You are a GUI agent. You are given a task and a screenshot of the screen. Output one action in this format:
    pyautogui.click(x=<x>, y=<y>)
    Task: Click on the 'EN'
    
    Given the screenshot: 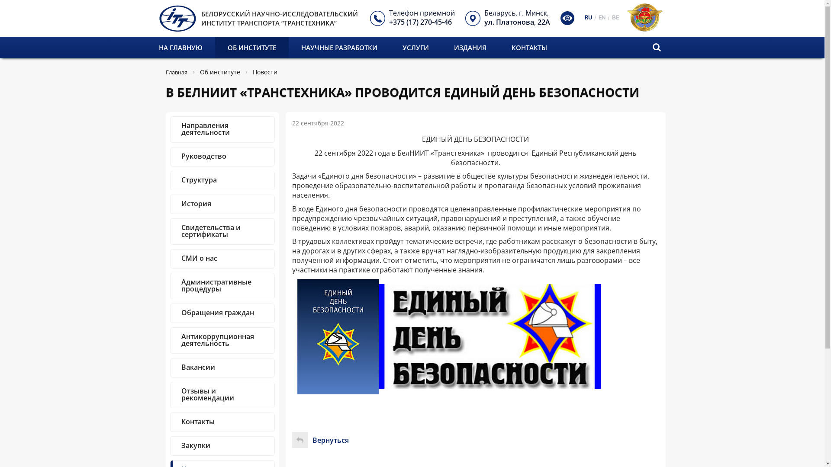 What is the action you would take?
    pyautogui.click(x=602, y=16)
    